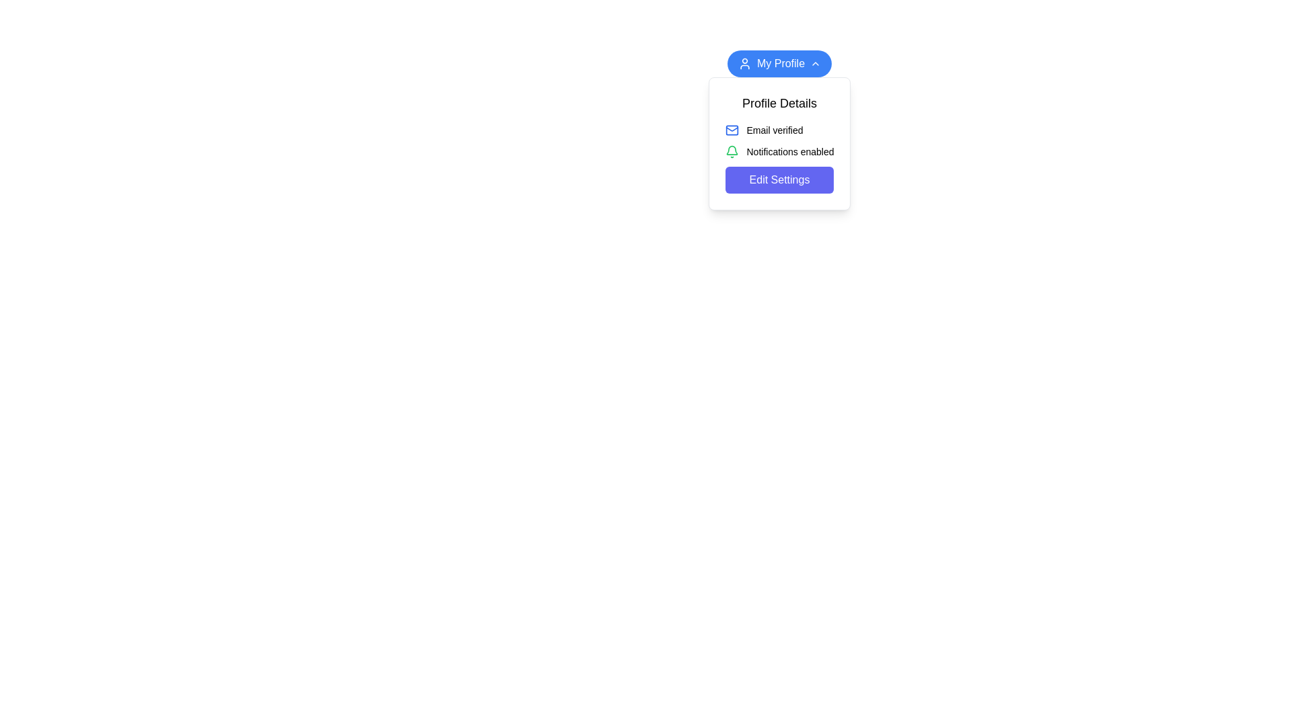 Image resolution: width=1291 pixels, height=726 pixels. What do you see at coordinates (779, 64) in the screenshot?
I see `the blue rounded rectangle button labeled 'My Profile' with an upward arrow icon` at bounding box center [779, 64].